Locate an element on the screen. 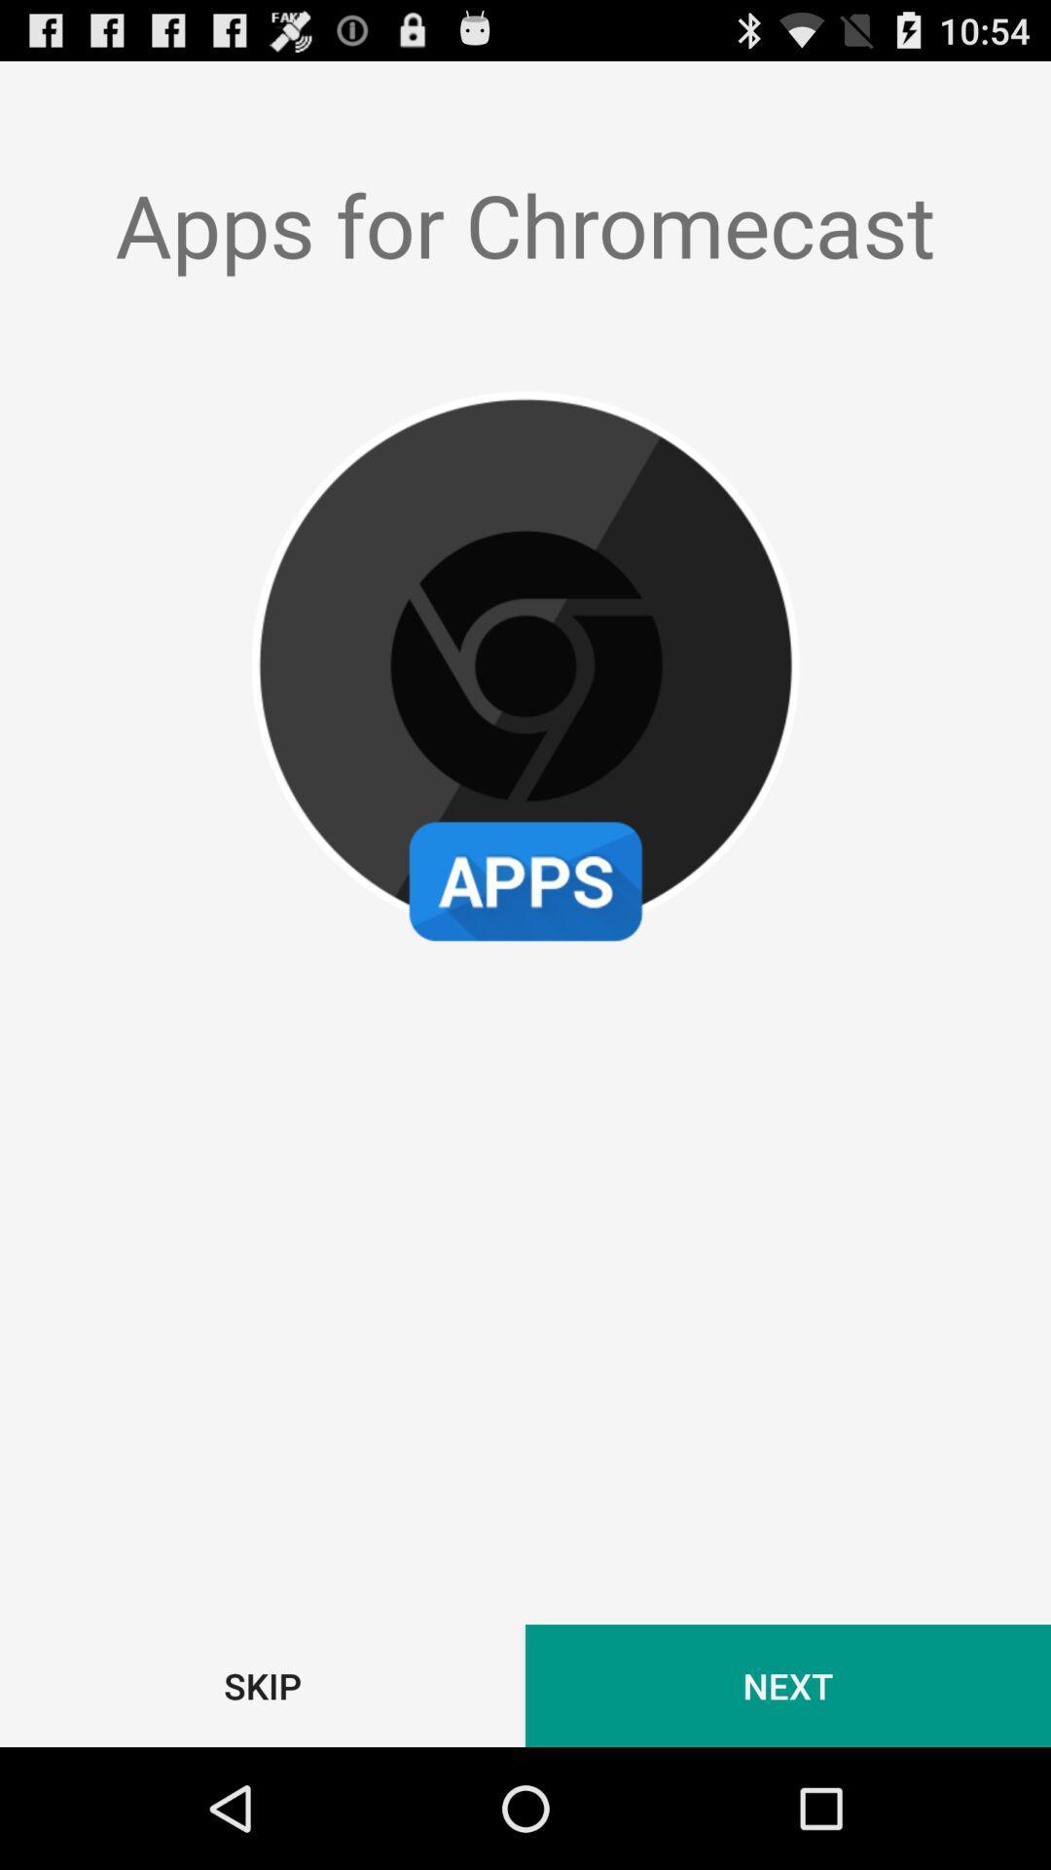 Image resolution: width=1051 pixels, height=1870 pixels. button to the left of the next icon is located at coordinates (263, 1685).